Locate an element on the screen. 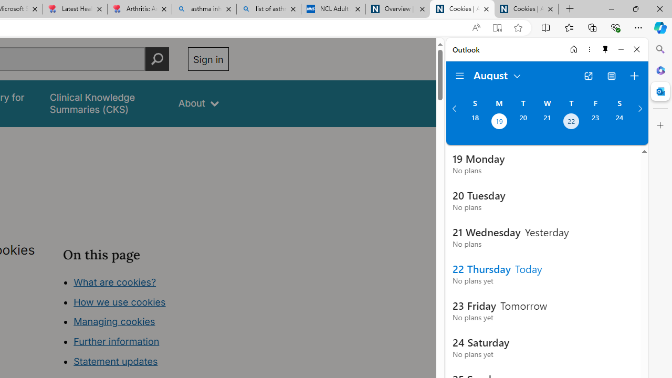 Image resolution: width=672 pixels, height=378 pixels. 'Further information' is located at coordinates (117, 341).